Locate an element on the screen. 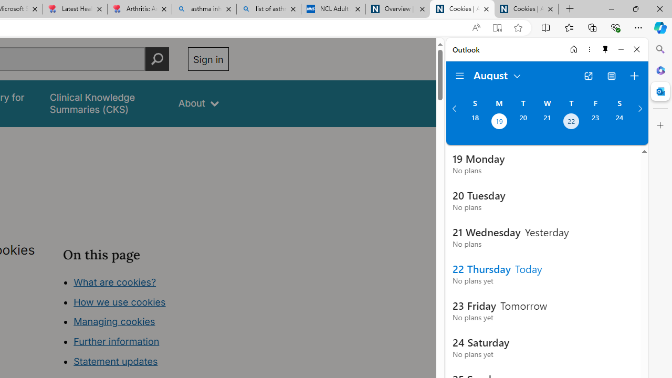 Image resolution: width=672 pixels, height=378 pixels. 'Further information' is located at coordinates (117, 341).